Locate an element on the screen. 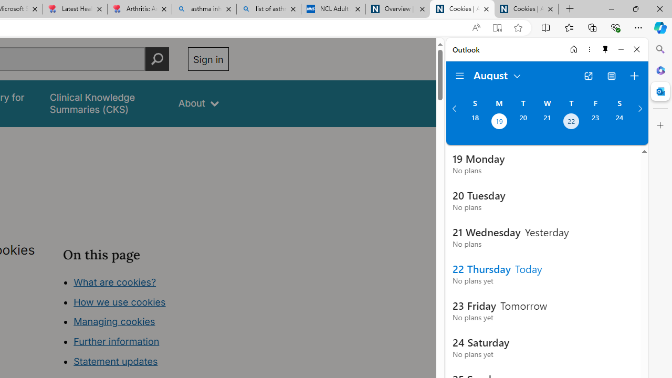 Image resolution: width=672 pixels, height=378 pixels. 'Further information' is located at coordinates (117, 341).